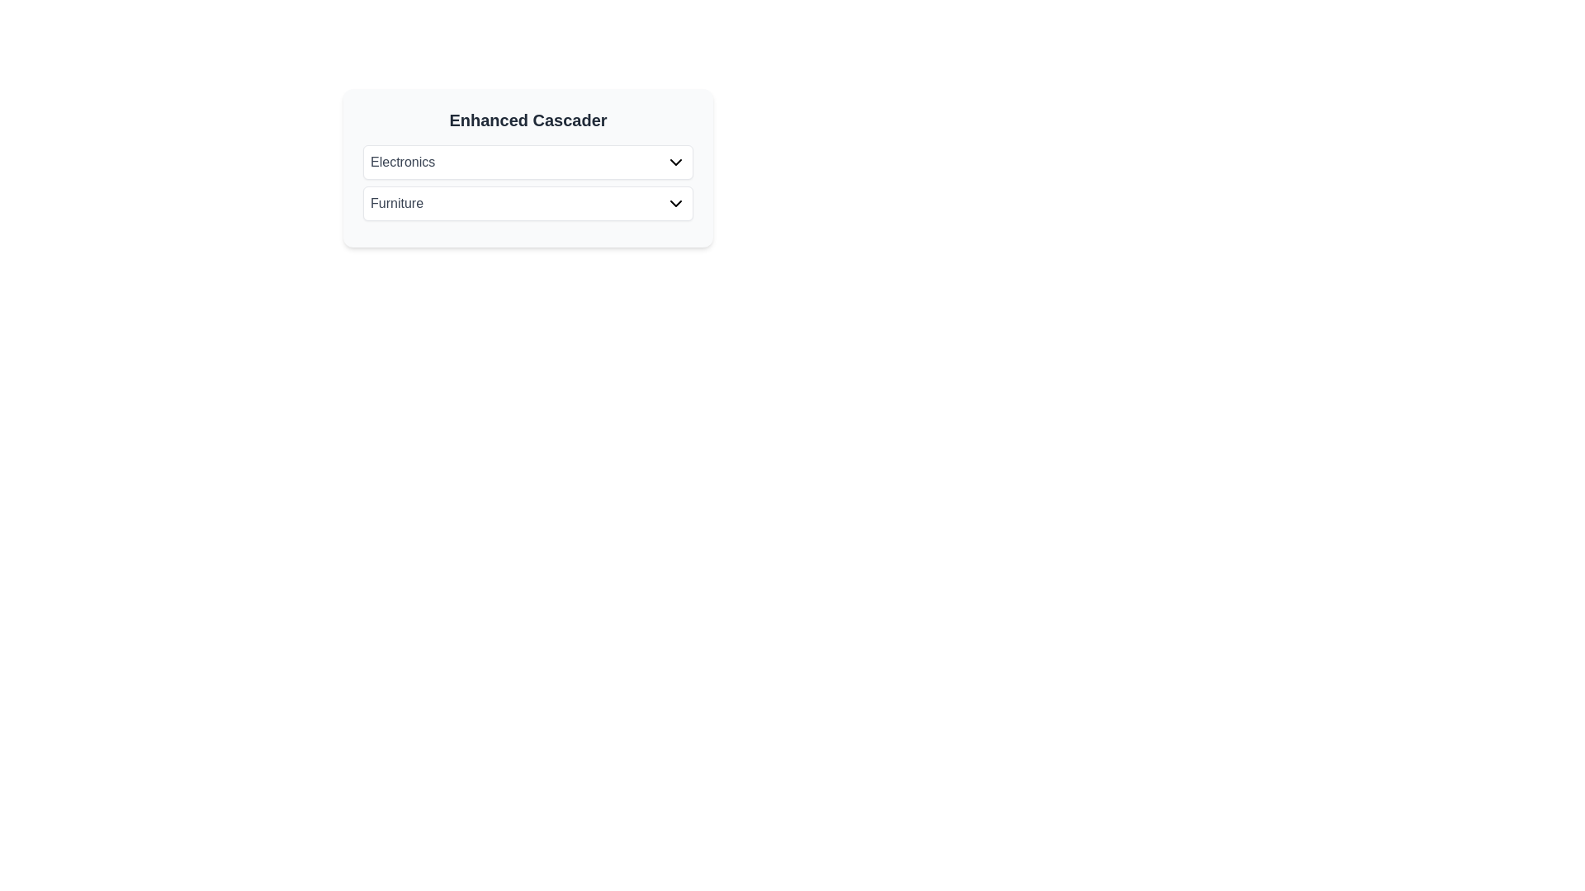  What do you see at coordinates (527, 162) in the screenshot?
I see `the 'Electronics' dropdown menu item located below the title 'Enhanced Cascader'` at bounding box center [527, 162].